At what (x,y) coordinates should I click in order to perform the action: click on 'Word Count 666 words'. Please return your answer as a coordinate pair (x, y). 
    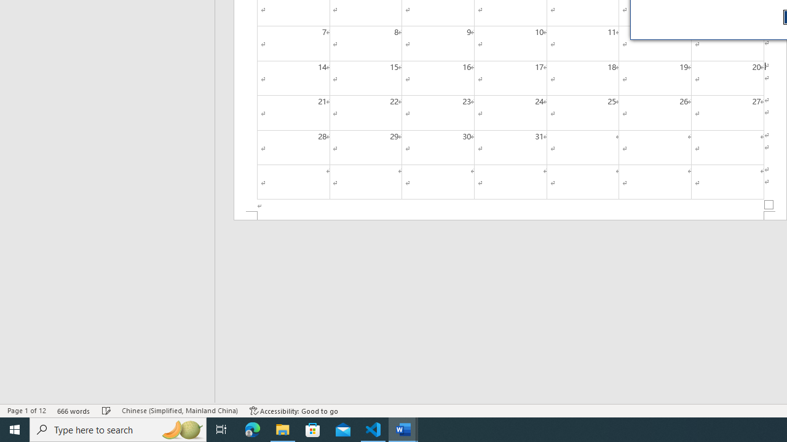
    Looking at the image, I should click on (73, 411).